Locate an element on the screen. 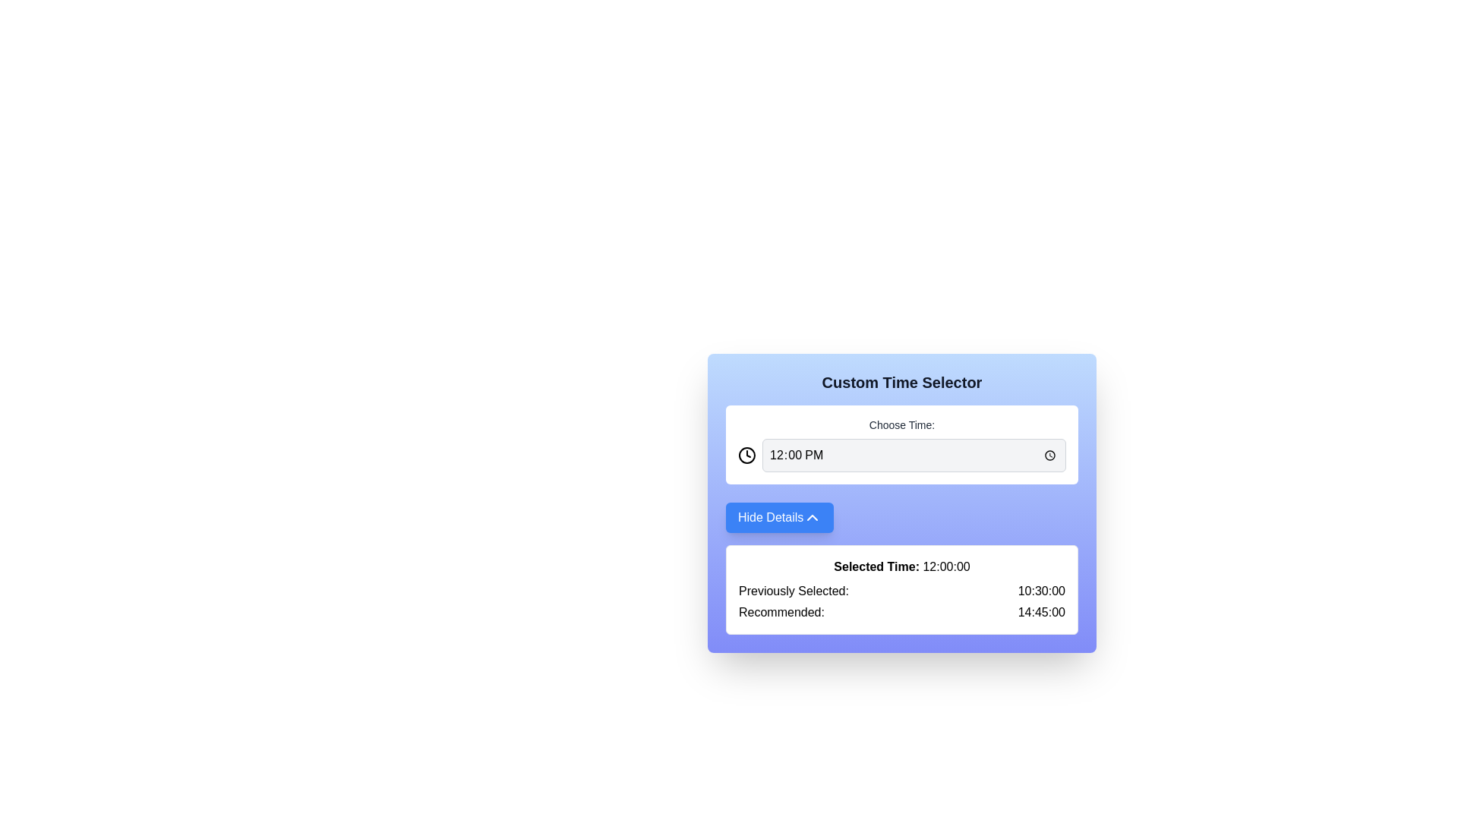 This screenshot has width=1458, height=820. the static text element indicating the recommended selection, located below the 'Previously Selected:' label is located at coordinates (781, 611).